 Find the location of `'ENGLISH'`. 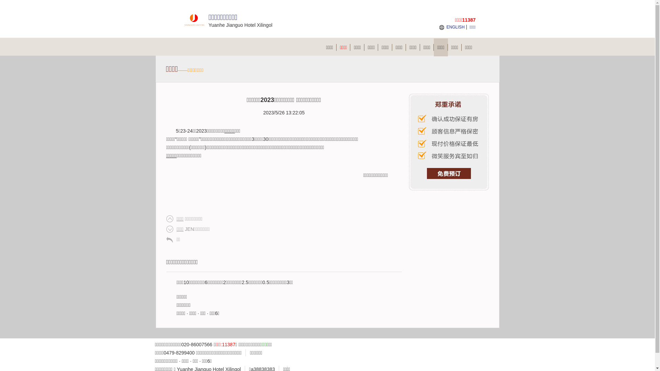

'ENGLISH' is located at coordinates (447, 26).